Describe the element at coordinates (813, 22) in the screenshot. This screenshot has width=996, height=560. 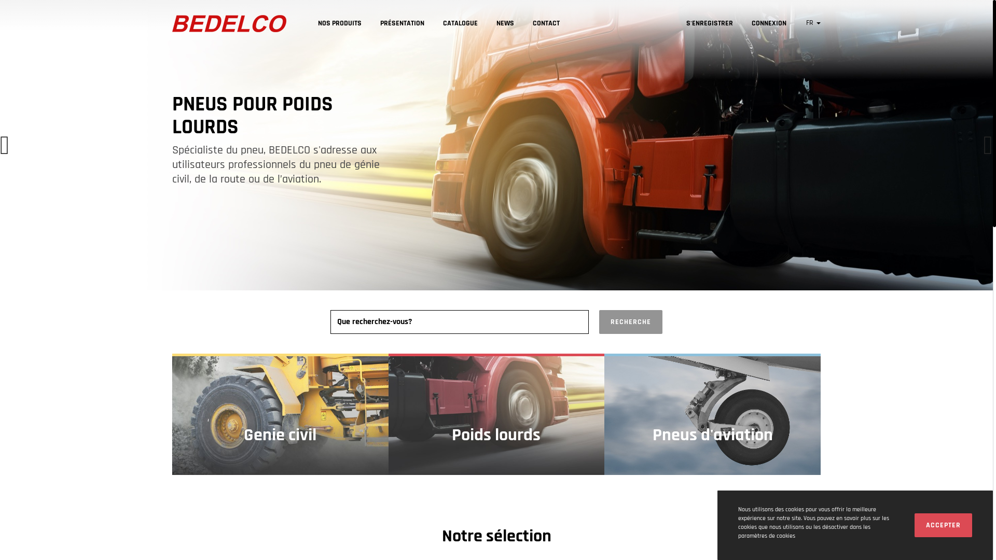
I see `'FR'` at that location.